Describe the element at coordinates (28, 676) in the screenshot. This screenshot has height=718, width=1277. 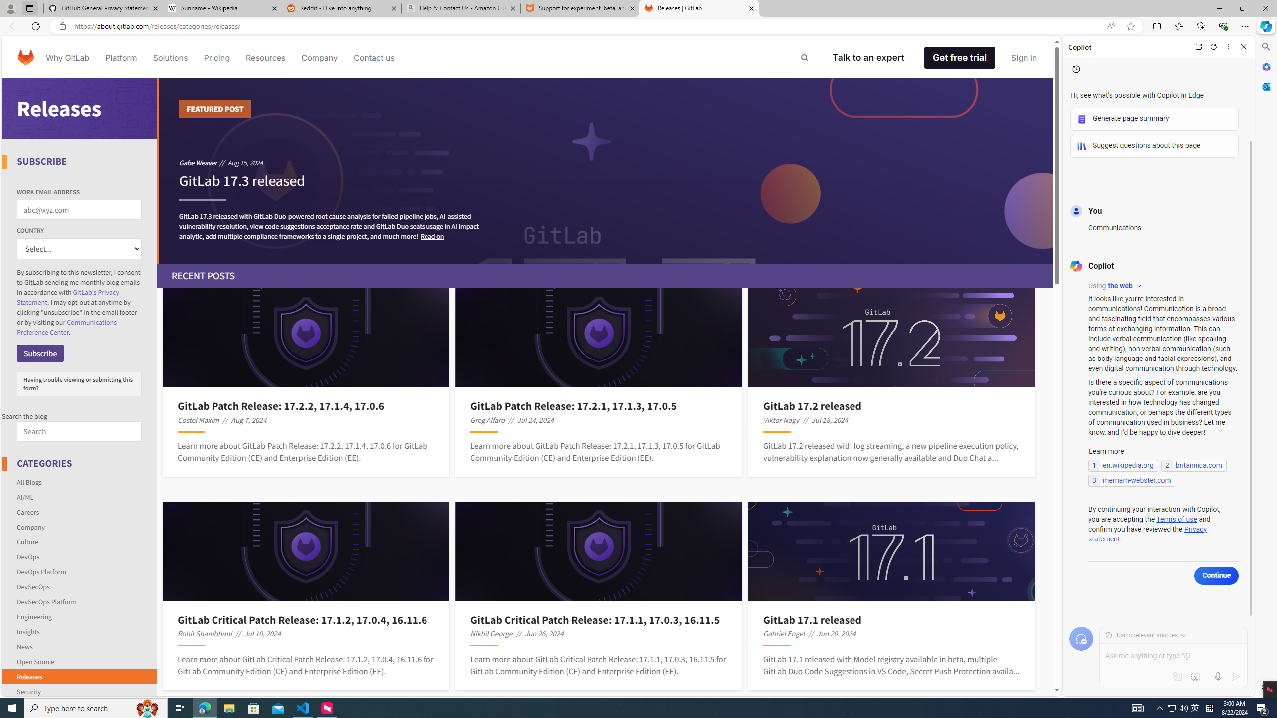
I see `'Releases'` at that location.